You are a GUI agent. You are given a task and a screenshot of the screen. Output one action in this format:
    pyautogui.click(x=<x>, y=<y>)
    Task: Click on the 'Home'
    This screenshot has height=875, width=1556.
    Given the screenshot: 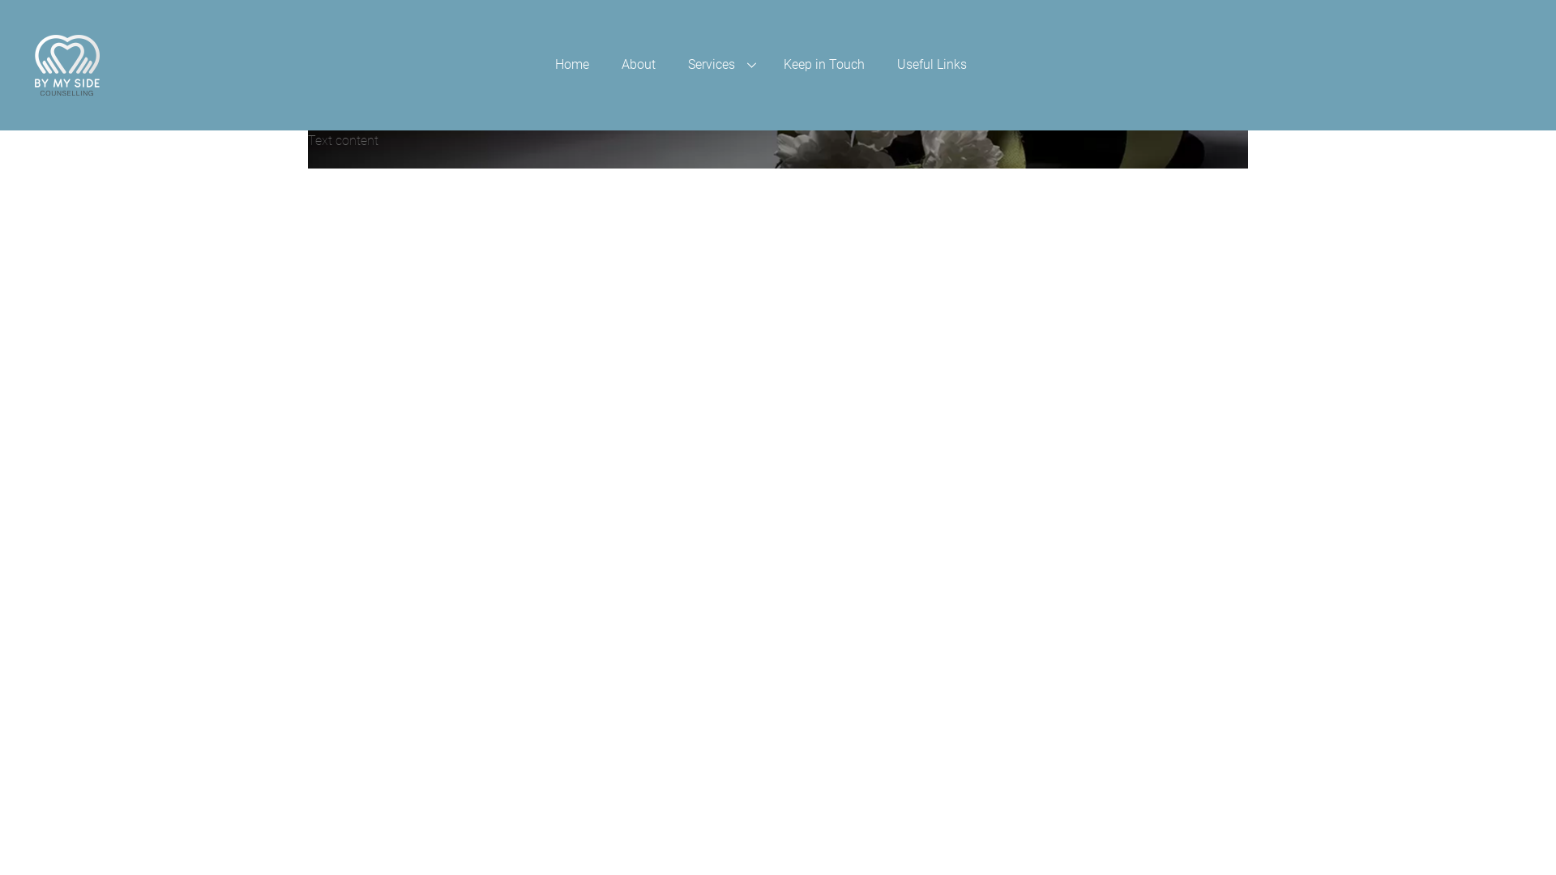 What is the action you would take?
    pyautogui.click(x=539, y=64)
    